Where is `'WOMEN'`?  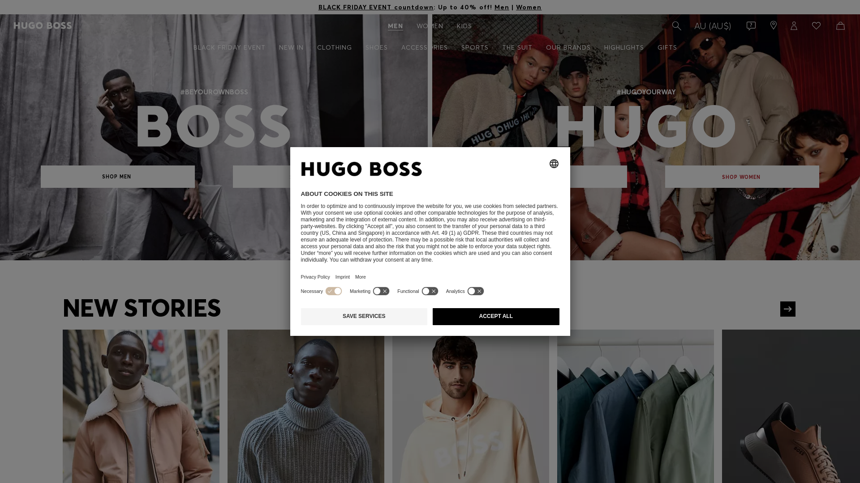 'WOMEN' is located at coordinates (430, 25).